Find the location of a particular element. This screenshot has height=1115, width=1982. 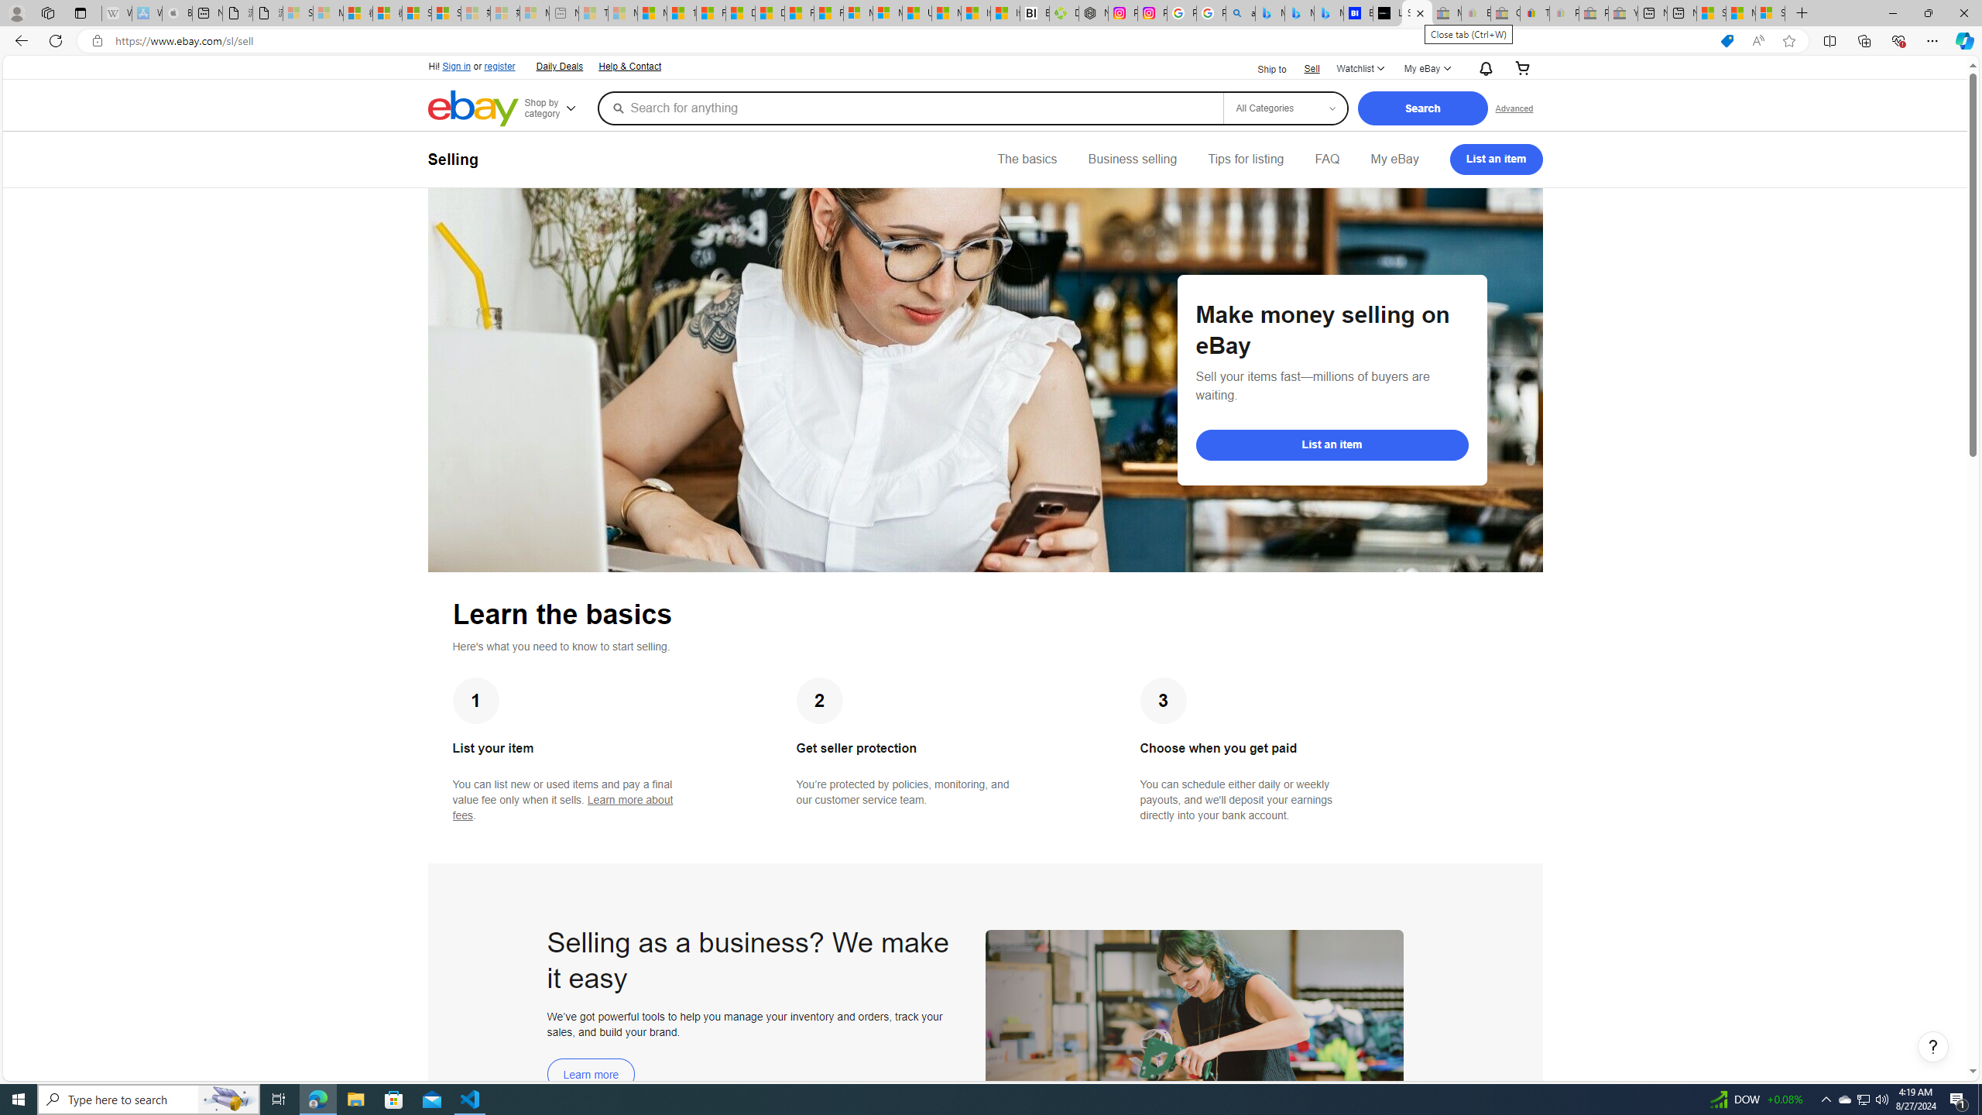

'Your shopping cart' is located at coordinates (1521, 68).